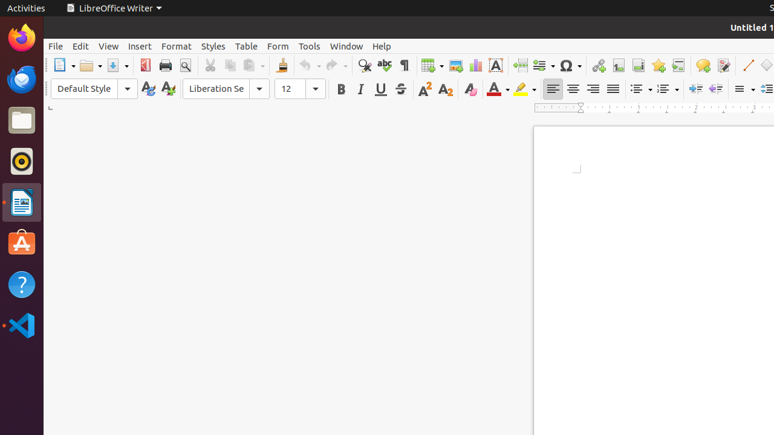 The image size is (774, 435). Describe the element at coordinates (360, 88) in the screenshot. I see `'Italic'` at that location.